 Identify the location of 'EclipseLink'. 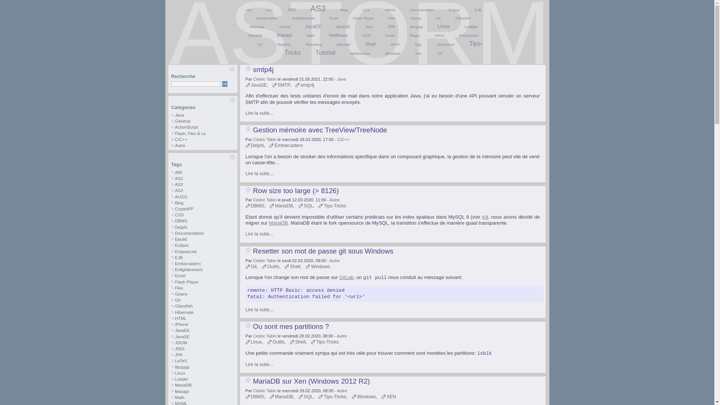
(185, 252).